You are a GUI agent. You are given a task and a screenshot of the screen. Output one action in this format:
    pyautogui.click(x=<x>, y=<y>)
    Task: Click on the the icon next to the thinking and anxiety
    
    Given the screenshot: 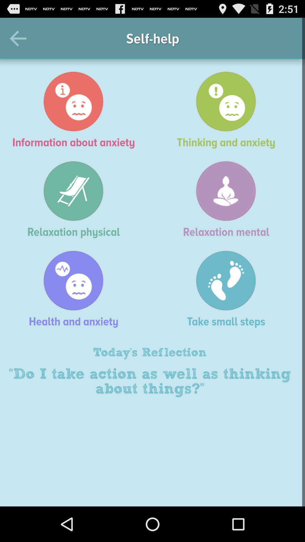 What is the action you would take?
    pyautogui.click(x=76, y=110)
    